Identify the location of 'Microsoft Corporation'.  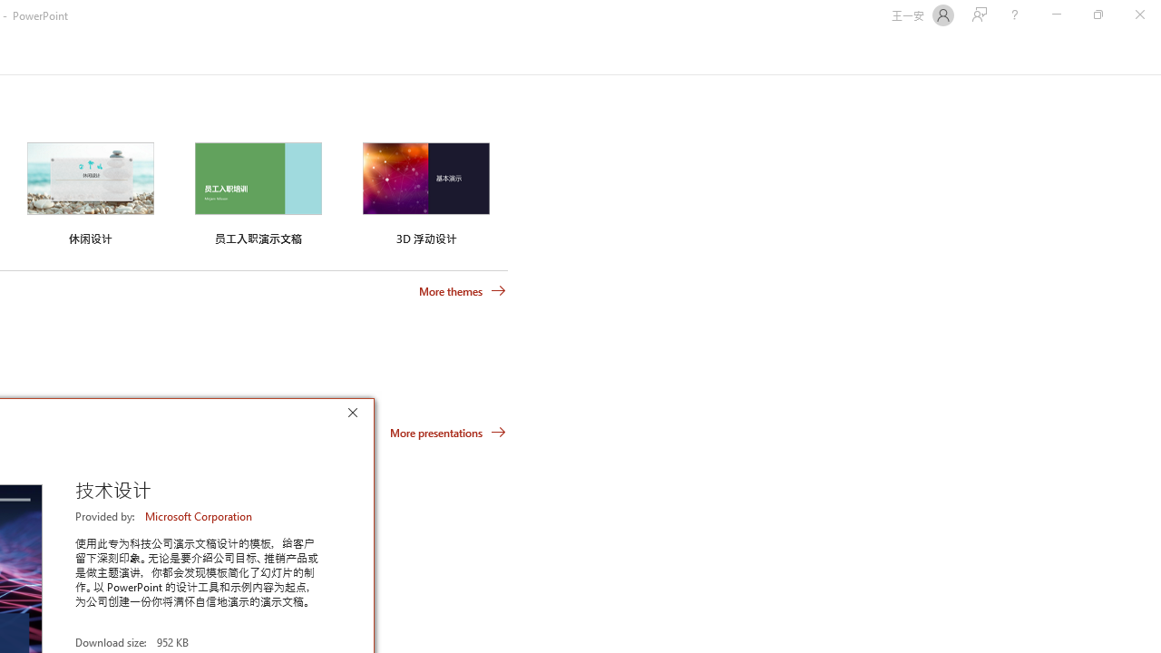
(200, 516).